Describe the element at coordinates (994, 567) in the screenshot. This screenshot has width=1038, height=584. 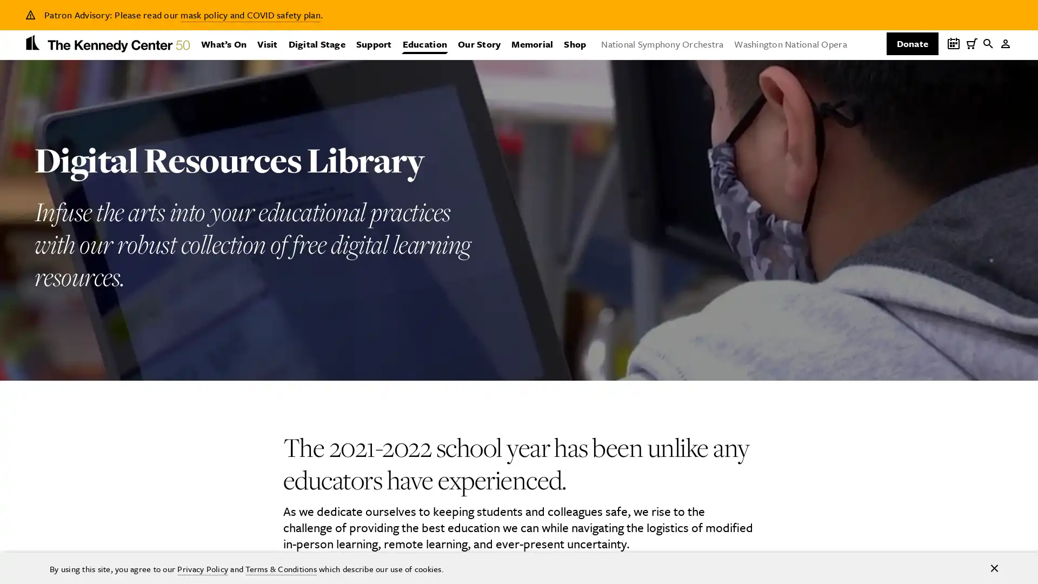
I see `Accept cookies and hide notification` at that location.